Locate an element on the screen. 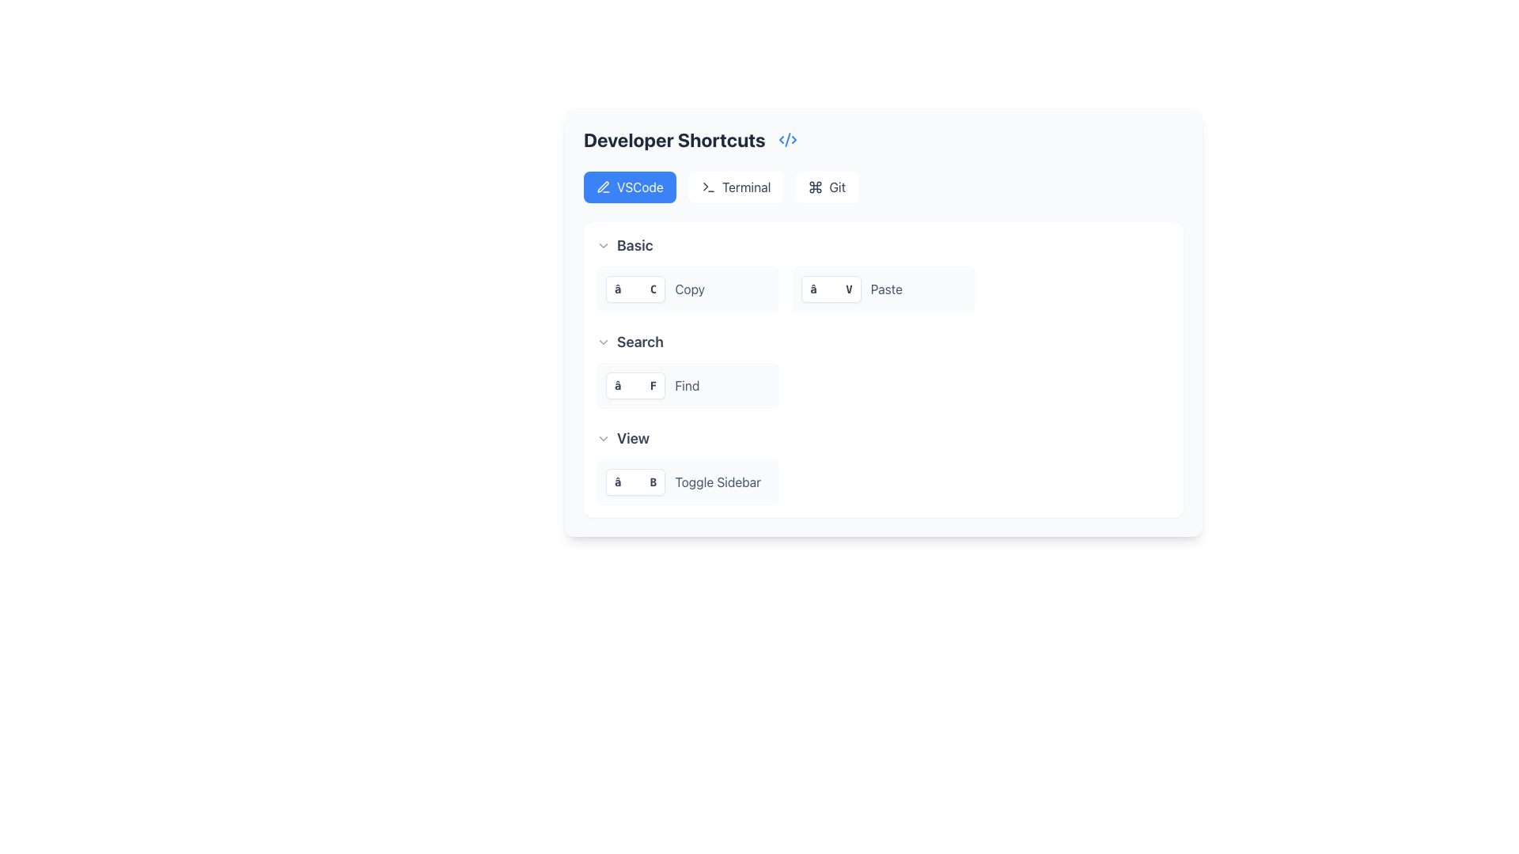 This screenshot has width=1519, height=854. the 'VSCode' button with a blue background and white text, which is the first button in a horizontal group of three is located at coordinates (629, 186).